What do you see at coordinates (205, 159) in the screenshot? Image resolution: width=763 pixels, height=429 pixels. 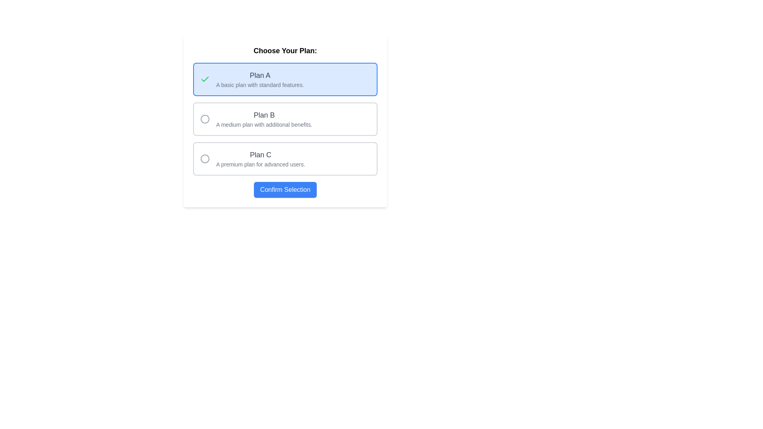 I see `the unselected radio button icon for 'Plan C', which is a circular, outlined icon located in the left side of the third option row` at bounding box center [205, 159].